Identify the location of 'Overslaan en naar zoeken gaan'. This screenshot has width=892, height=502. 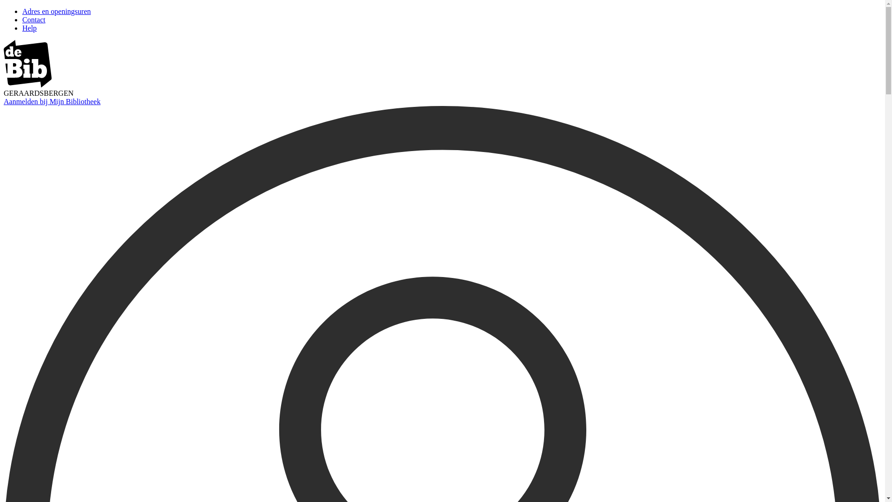
(4, 7).